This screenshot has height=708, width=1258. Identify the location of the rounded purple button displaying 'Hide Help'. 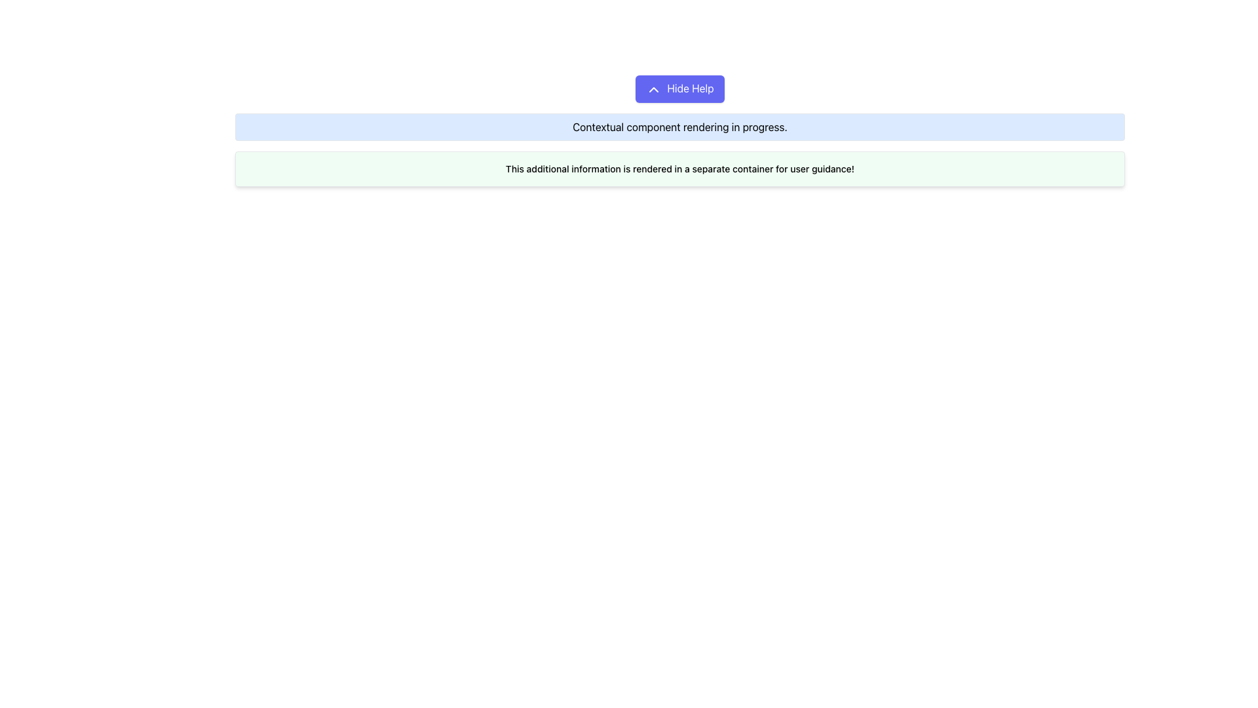
(679, 88).